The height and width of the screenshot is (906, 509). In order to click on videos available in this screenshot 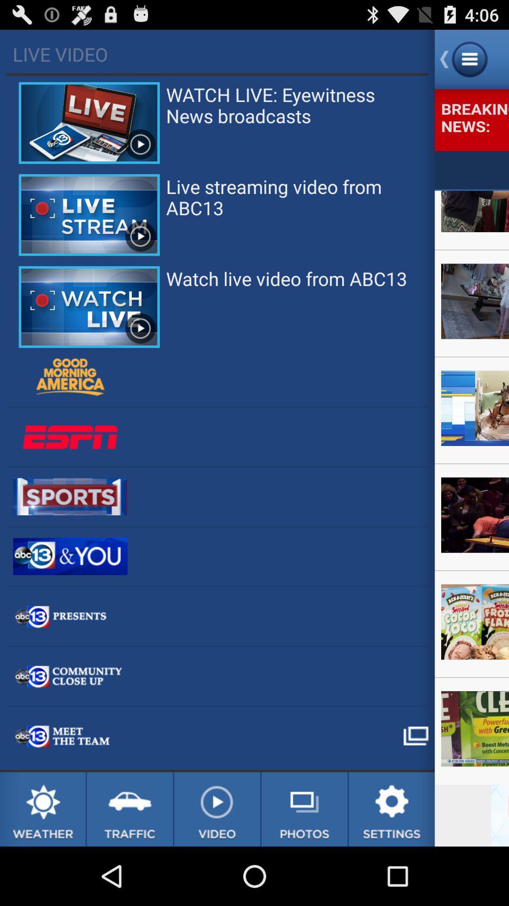, I will do `click(217, 809)`.